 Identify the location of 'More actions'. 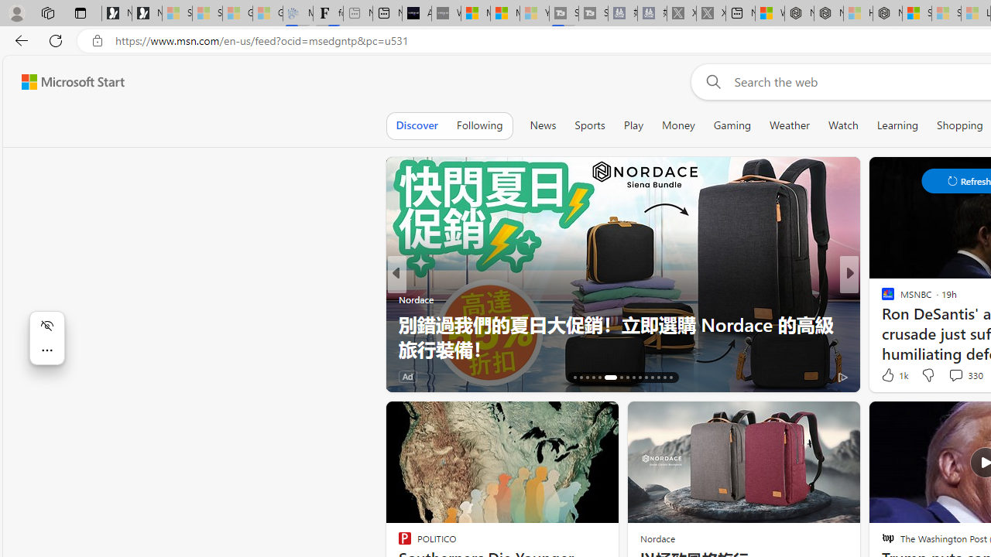
(46, 350).